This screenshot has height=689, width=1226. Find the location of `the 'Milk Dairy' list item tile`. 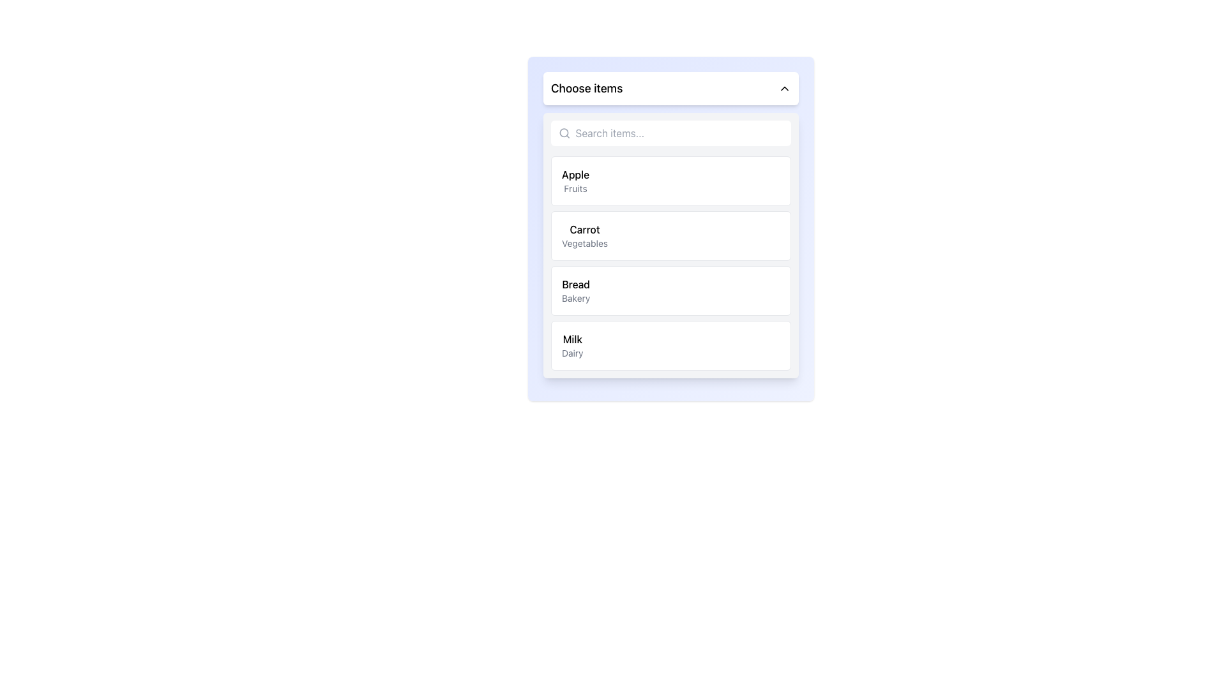

the 'Milk Dairy' list item tile is located at coordinates (670, 346).